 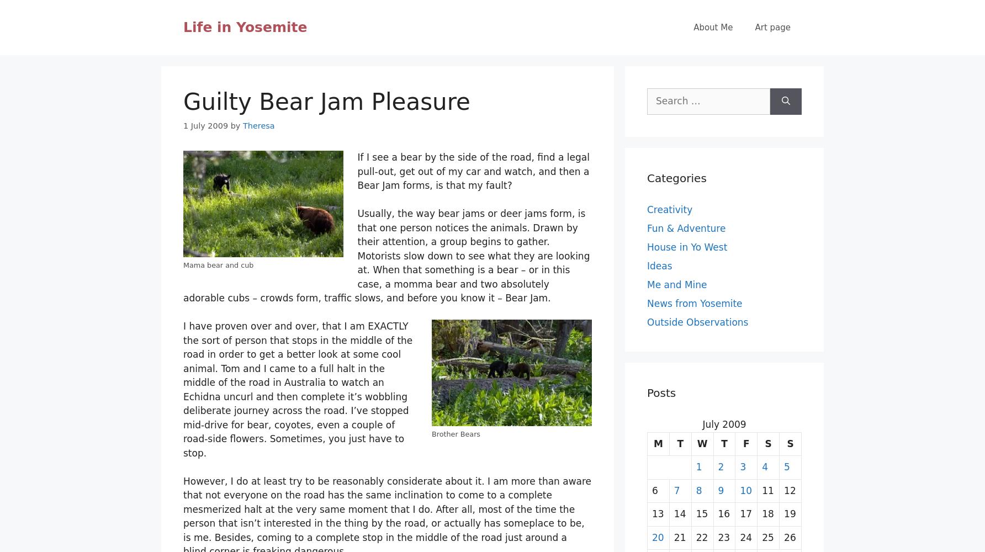 I want to click on 'by', so click(x=235, y=125).